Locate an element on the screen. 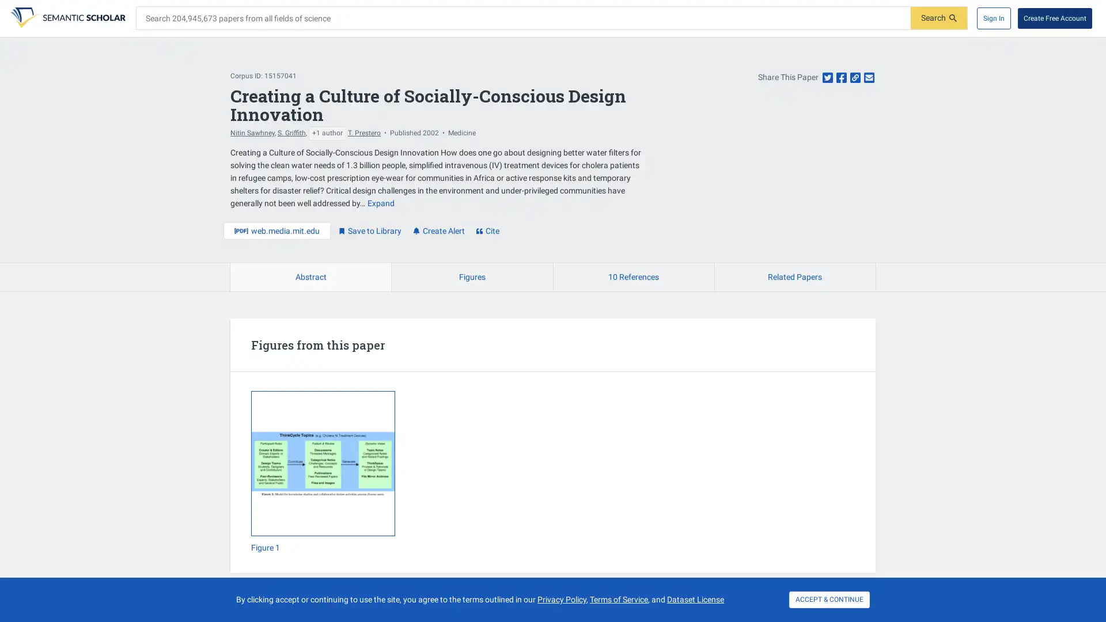 The width and height of the screenshot is (1106, 622). Sign In is located at coordinates (993, 18).